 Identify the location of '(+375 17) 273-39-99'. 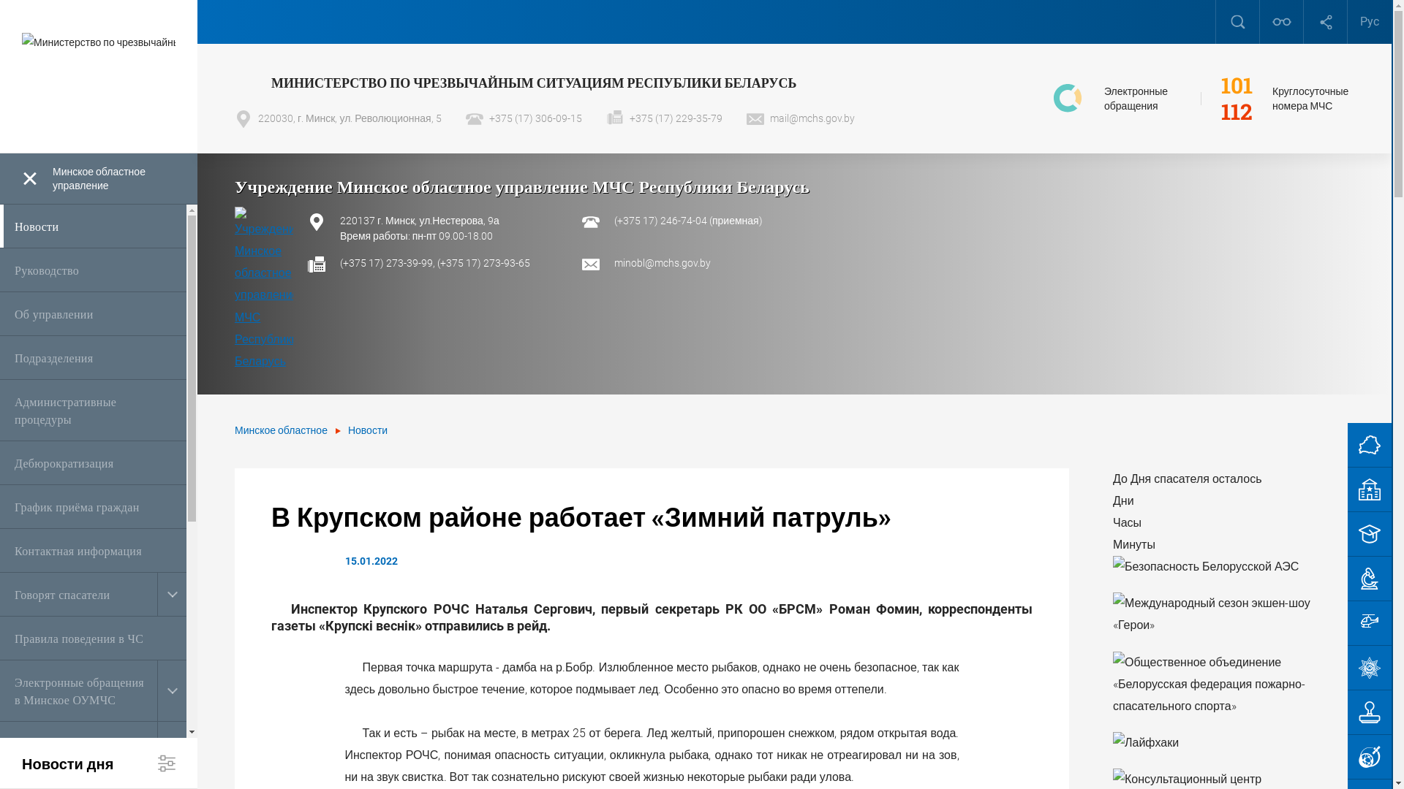
(386, 262).